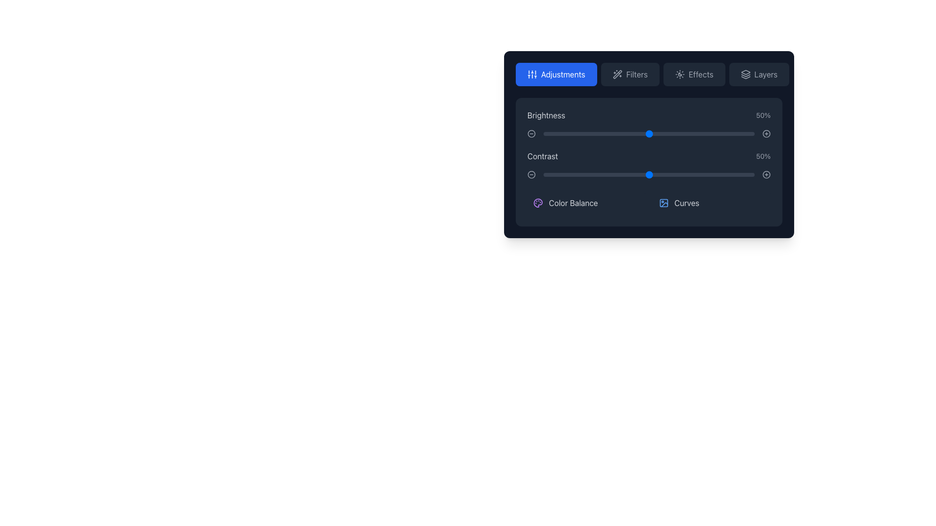 The image size is (936, 526). Describe the element at coordinates (690, 133) in the screenshot. I see `Brightness slider` at that location.